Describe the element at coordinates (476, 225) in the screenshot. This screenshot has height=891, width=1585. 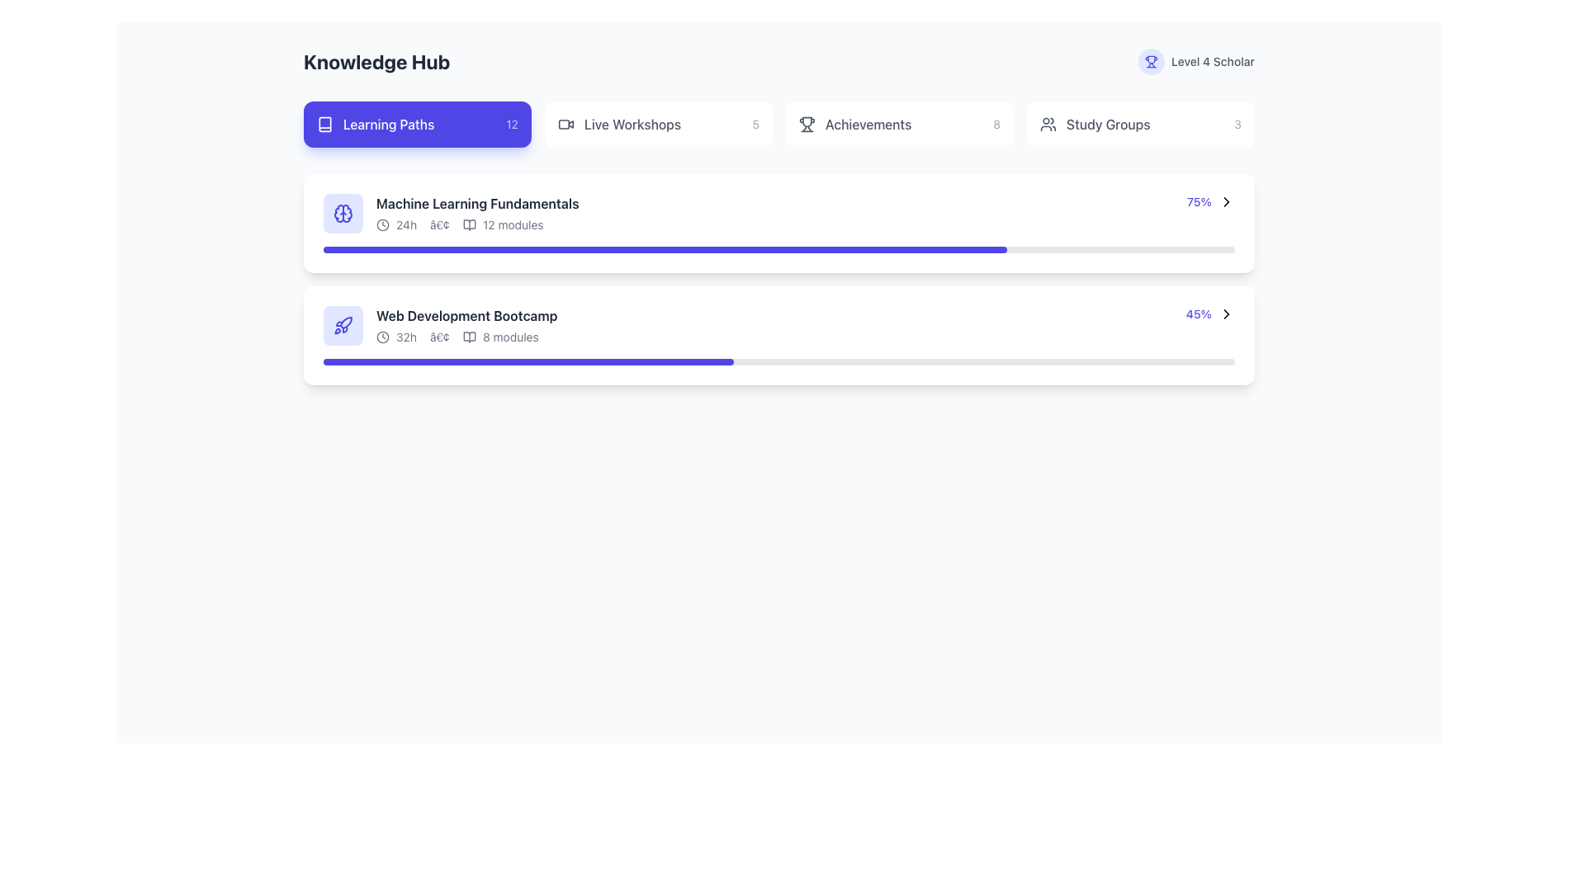
I see `displayed details of the course summary element showing '24h • 12 modules' with icons for time and modules, located below the title 'Machine Learning Fundamentals' in the 'Learning Paths' tab` at that location.